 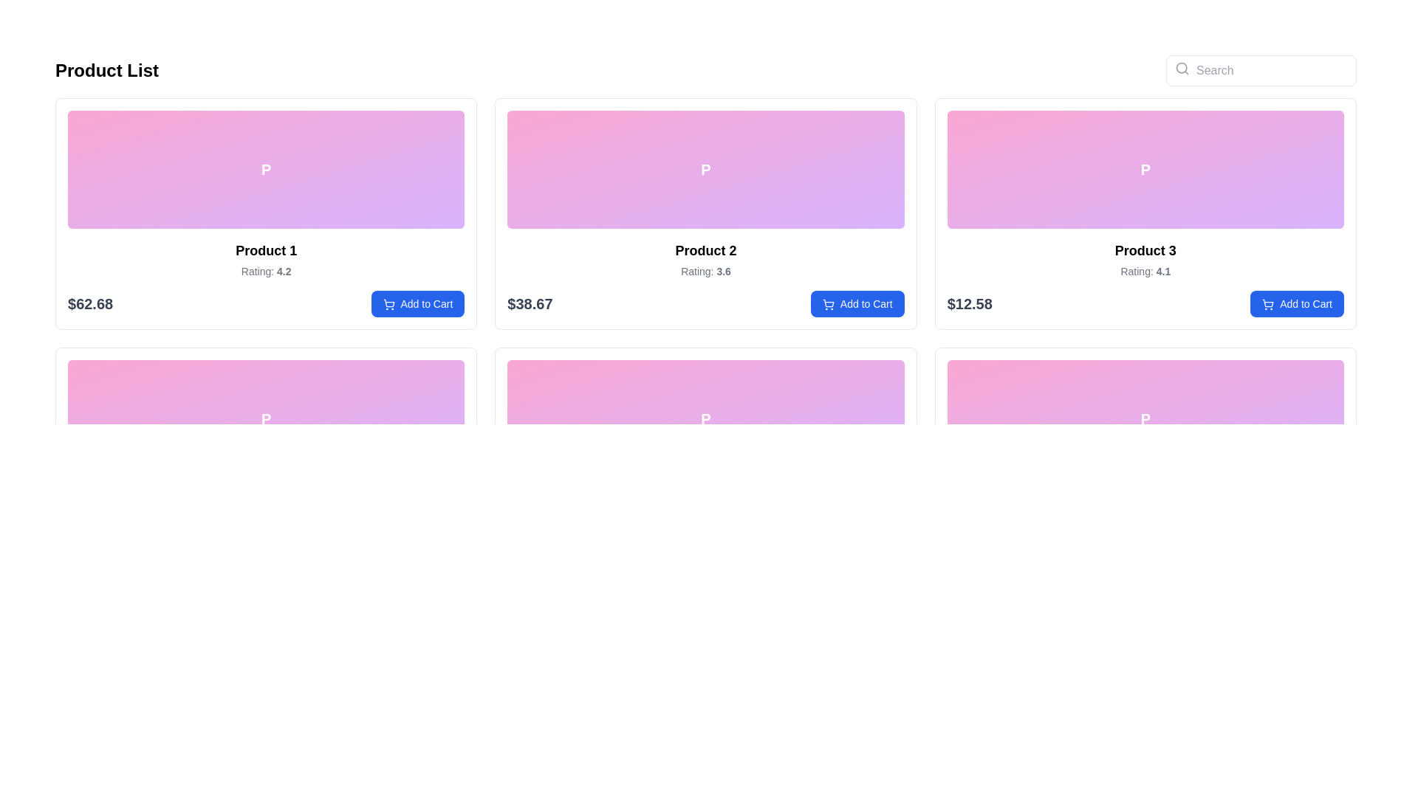 What do you see at coordinates (266, 418) in the screenshot?
I see `the image placeholder for 'Product 4' located in the upper section of its card` at bounding box center [266, 418].